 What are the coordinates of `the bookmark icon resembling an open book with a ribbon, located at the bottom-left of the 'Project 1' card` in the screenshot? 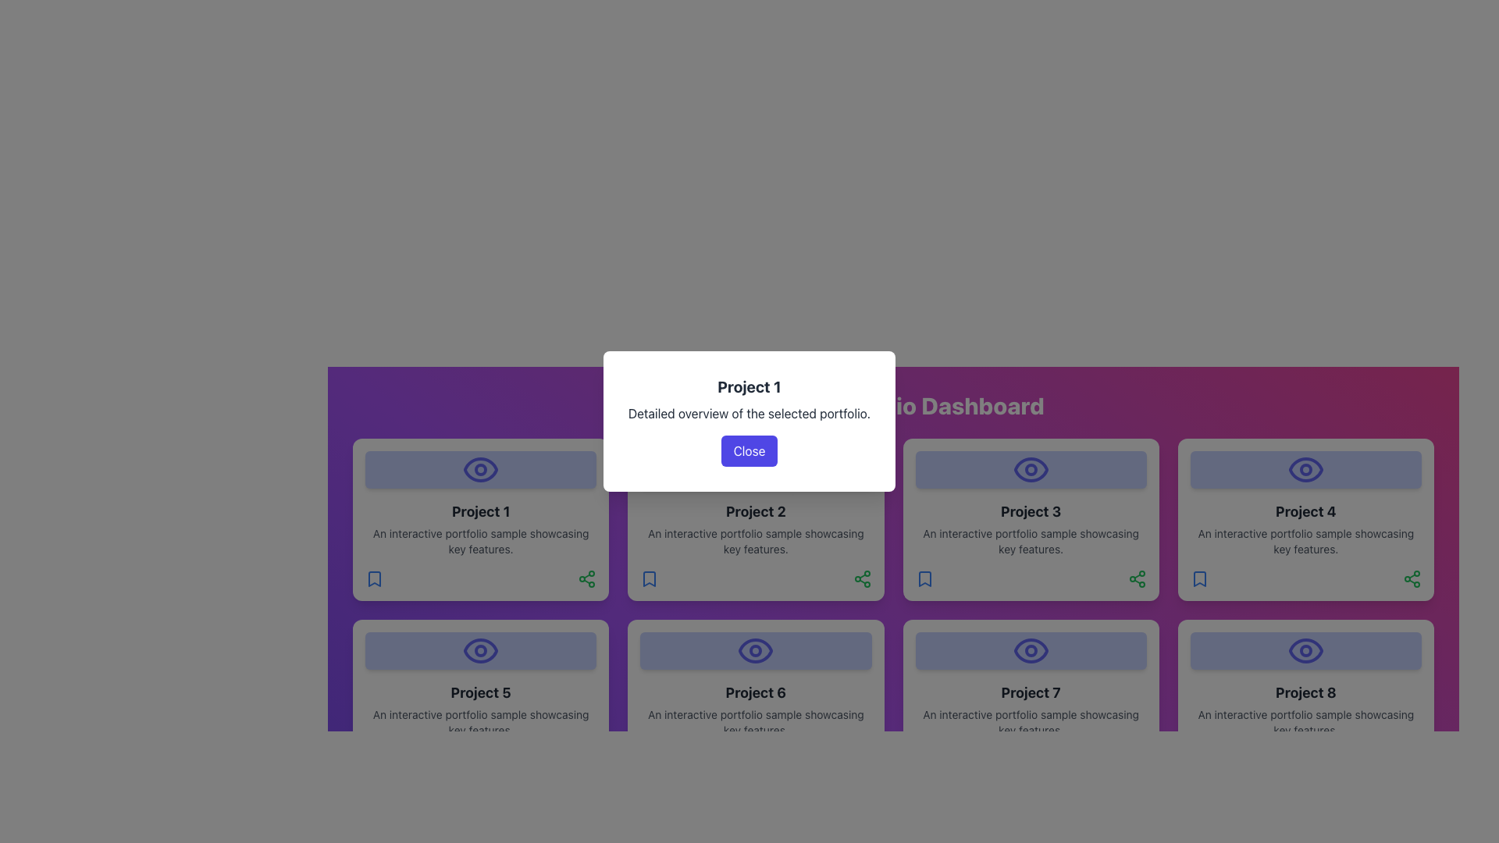 It's located at (375, 578).